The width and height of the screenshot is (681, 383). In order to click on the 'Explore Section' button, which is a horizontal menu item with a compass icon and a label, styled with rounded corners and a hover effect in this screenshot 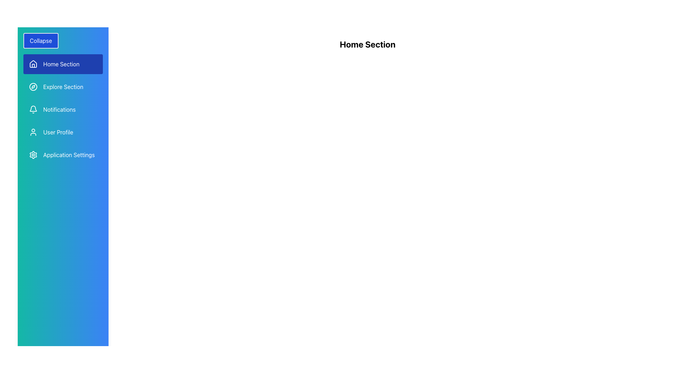, I will do `click(63, 87)`.